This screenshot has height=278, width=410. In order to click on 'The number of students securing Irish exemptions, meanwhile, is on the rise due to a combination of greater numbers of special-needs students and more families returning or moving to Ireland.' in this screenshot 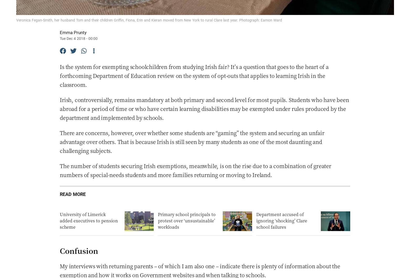, I will do `click(195, 170)`.